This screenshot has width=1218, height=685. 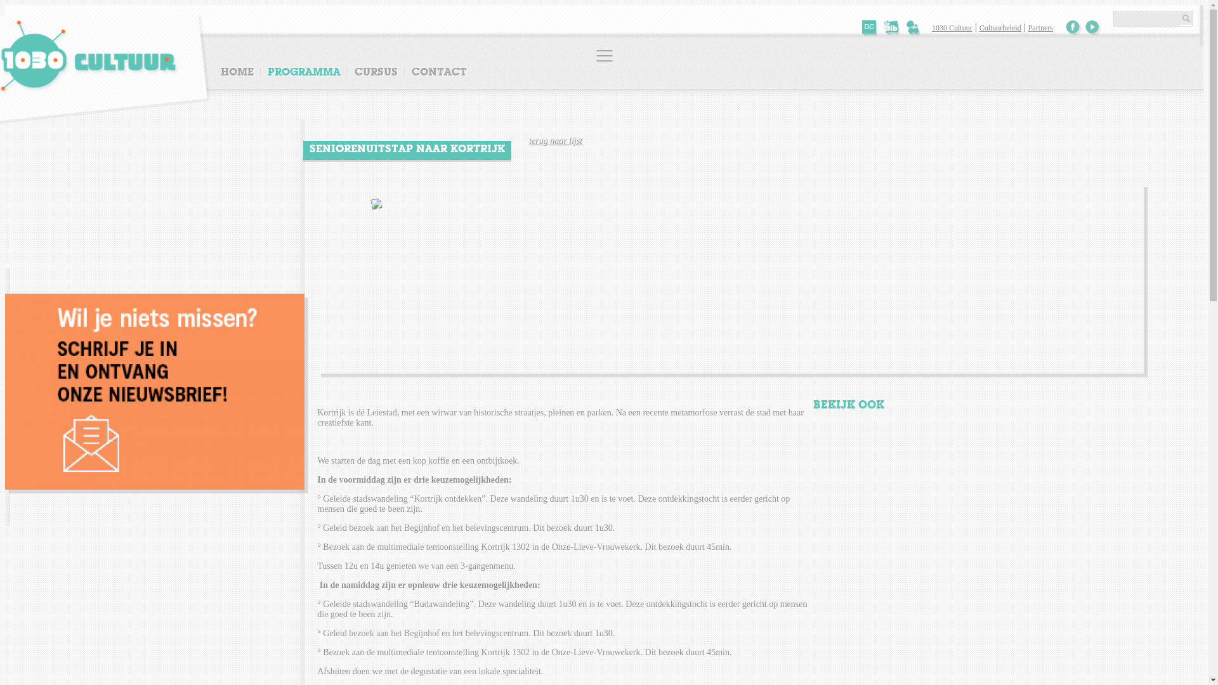 I want to click on 'de bib', so click(x=891, y=28).